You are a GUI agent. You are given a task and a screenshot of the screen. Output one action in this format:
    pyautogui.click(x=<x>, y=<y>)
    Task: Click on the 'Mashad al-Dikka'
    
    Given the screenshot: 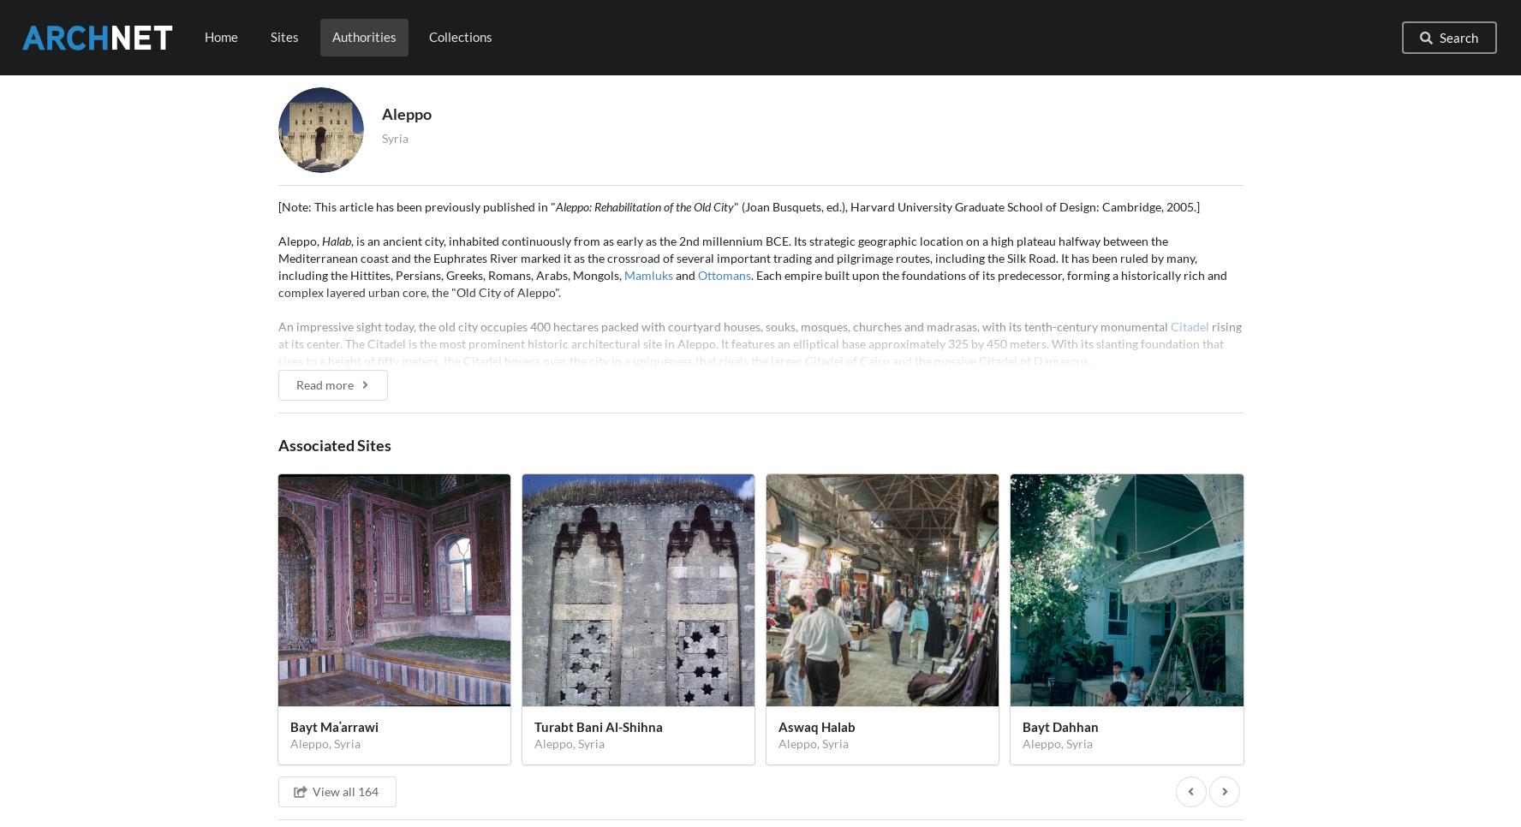 What is the action you would take?
    pyautogui.click(x=436, y=787)
    